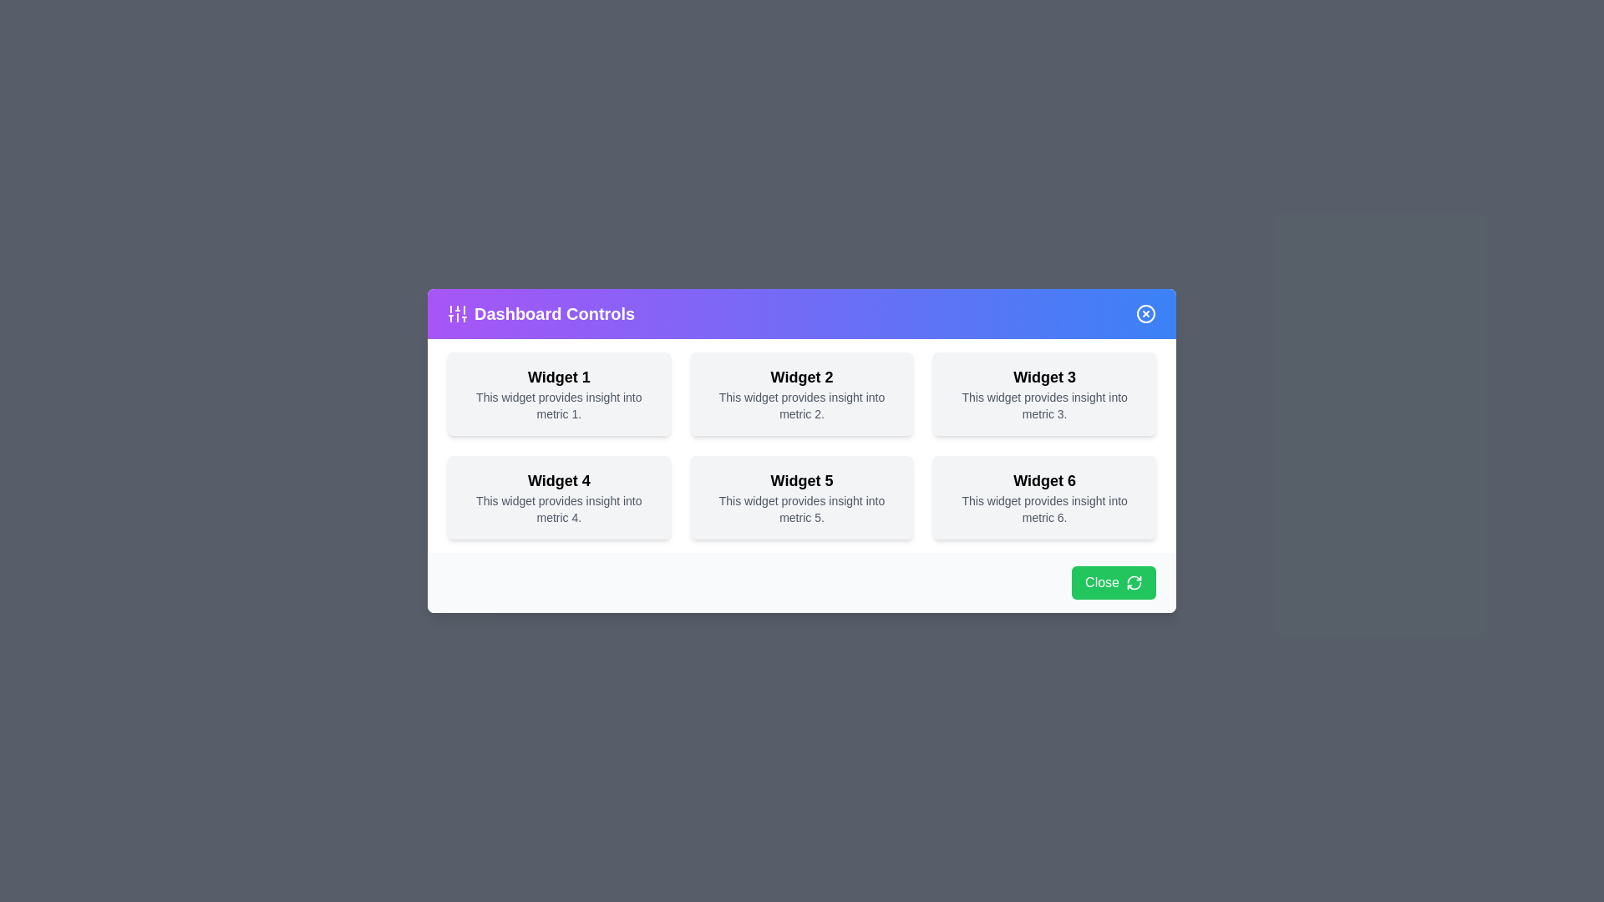 This screenshot has height=902, width=1604. What do you see at coordinates (1114, 582) in the screenshot?
I see `the 'Close' button at the bottom of the dialog to close it` at bounding box center [1114, 582].